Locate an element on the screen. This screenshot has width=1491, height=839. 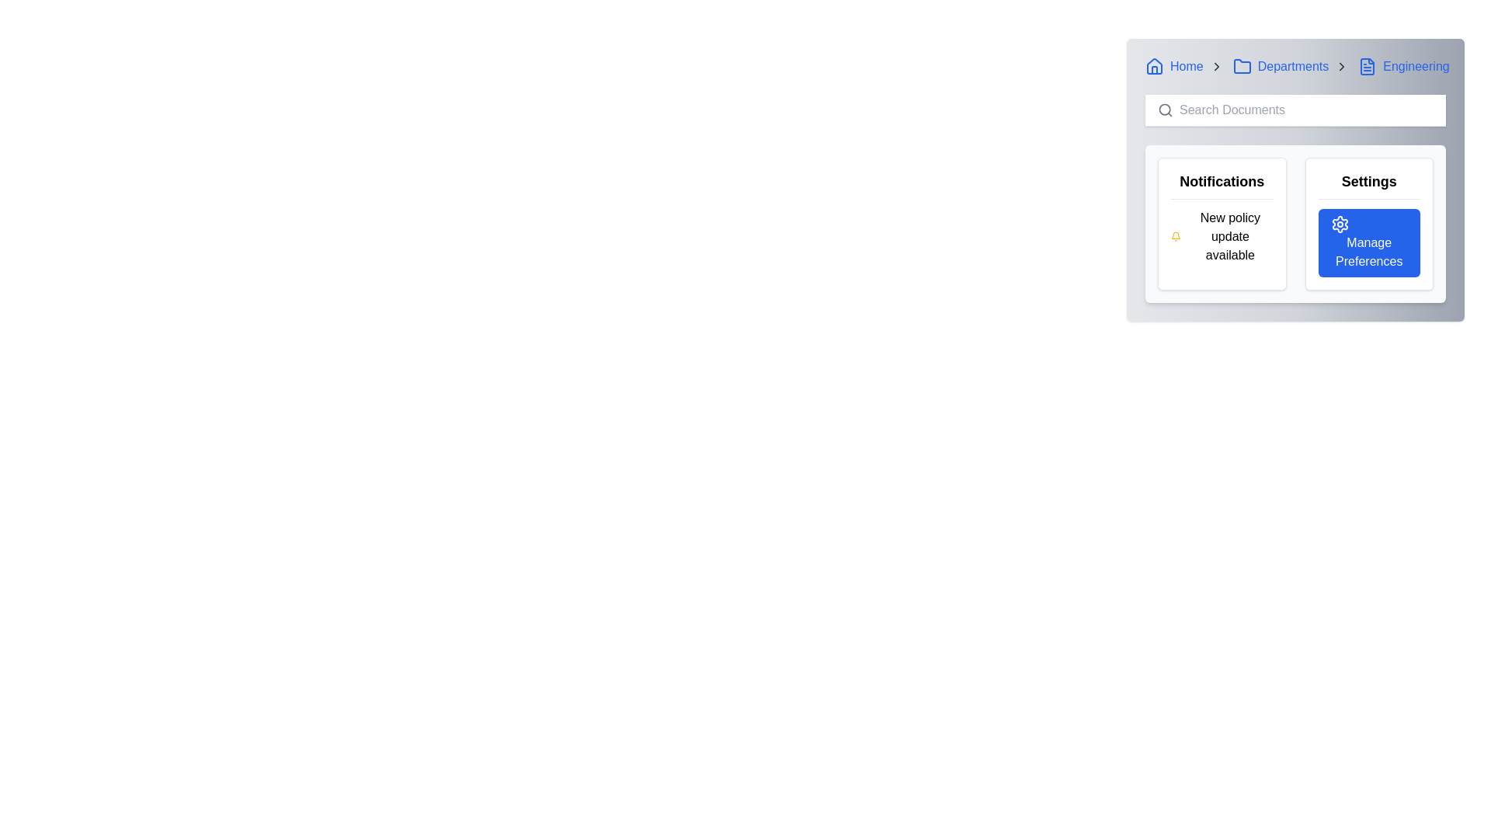
the non-interactive text block combined with an icon that informs the user about a new policy update, located in the notifications card is located at coordinates (1221, 236).